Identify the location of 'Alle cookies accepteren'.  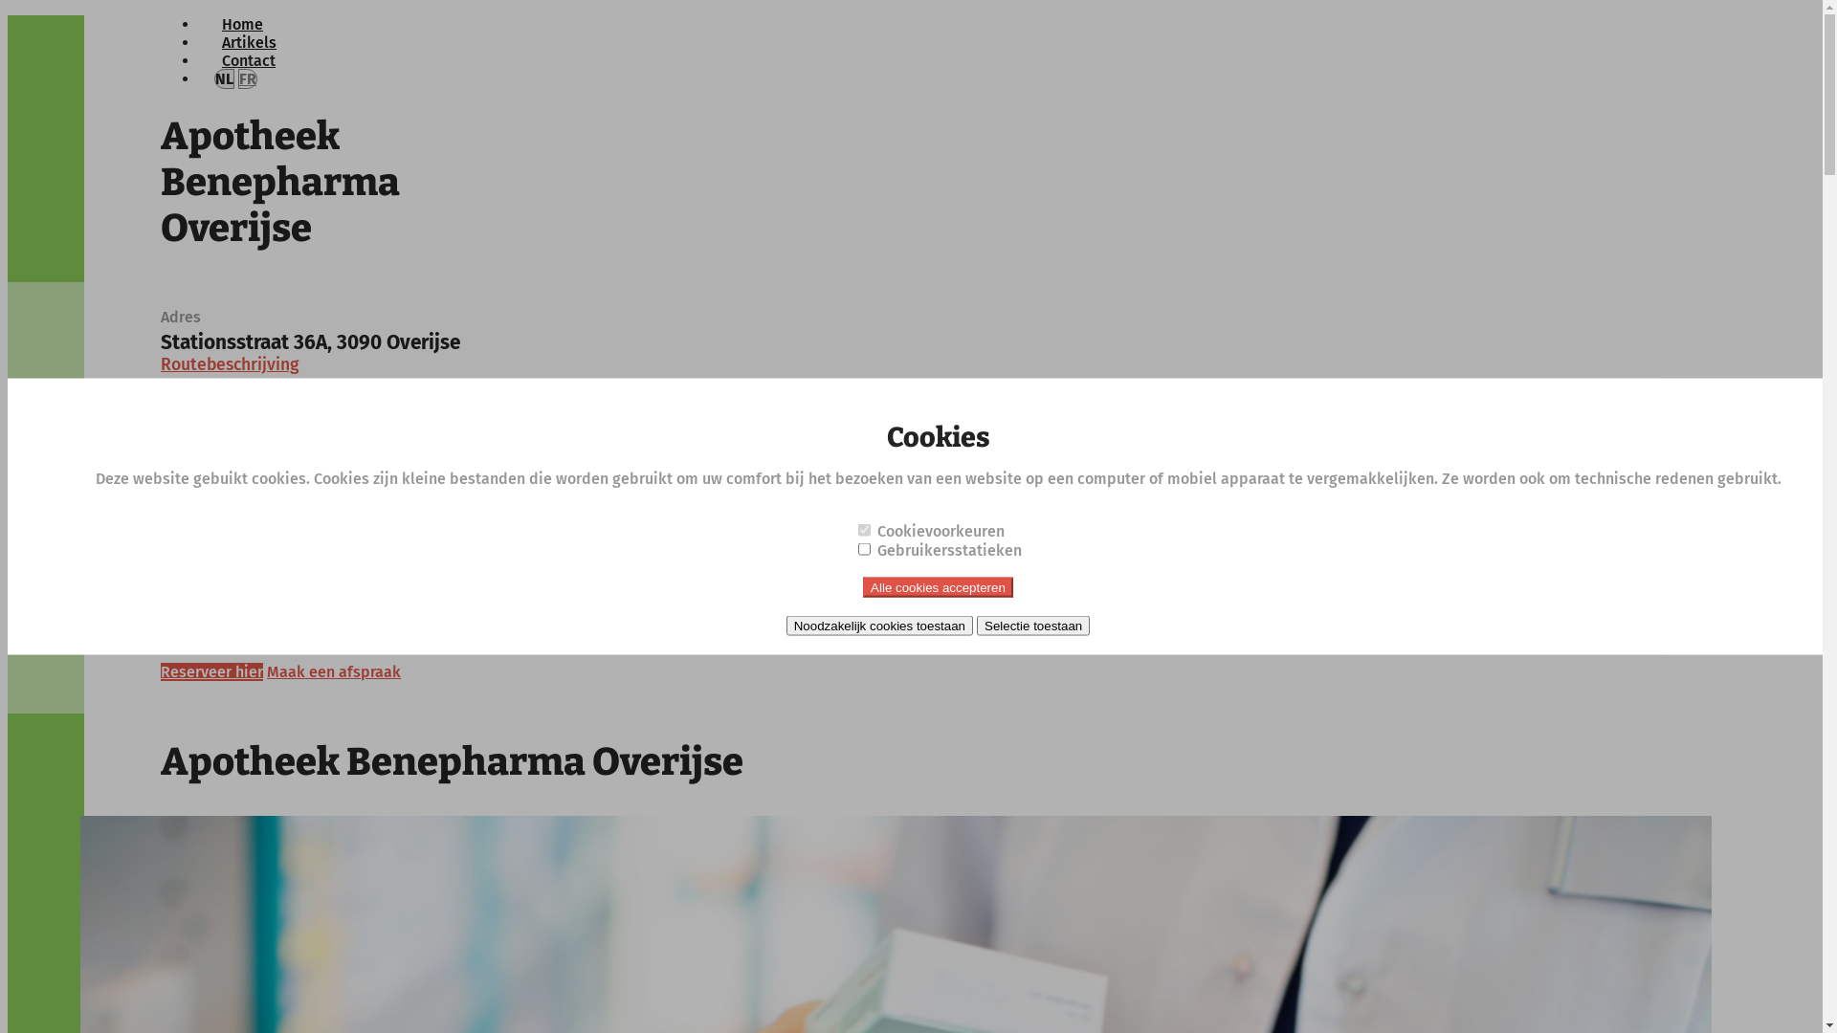
(938, 585).